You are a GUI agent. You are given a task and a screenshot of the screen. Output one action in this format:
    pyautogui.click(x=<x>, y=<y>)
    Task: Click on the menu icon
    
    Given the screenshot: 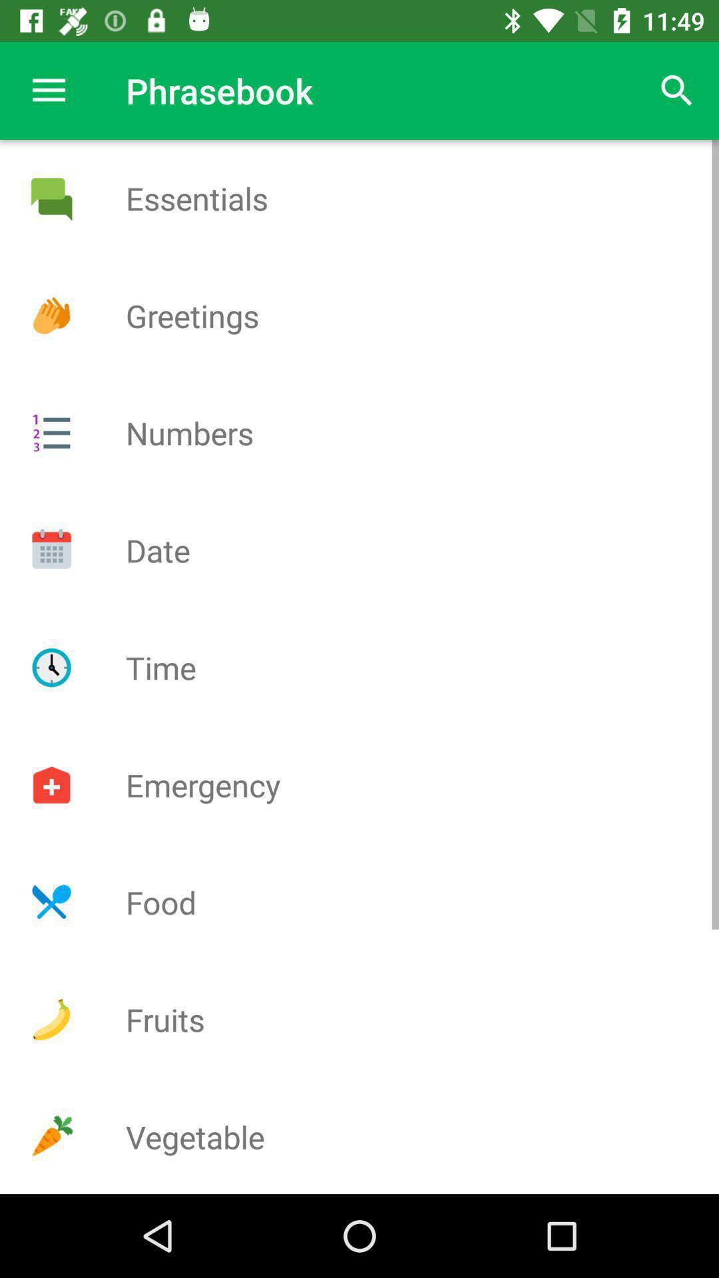 What is the action you would take?
    pyautogui.click(x=51, y=433)
    